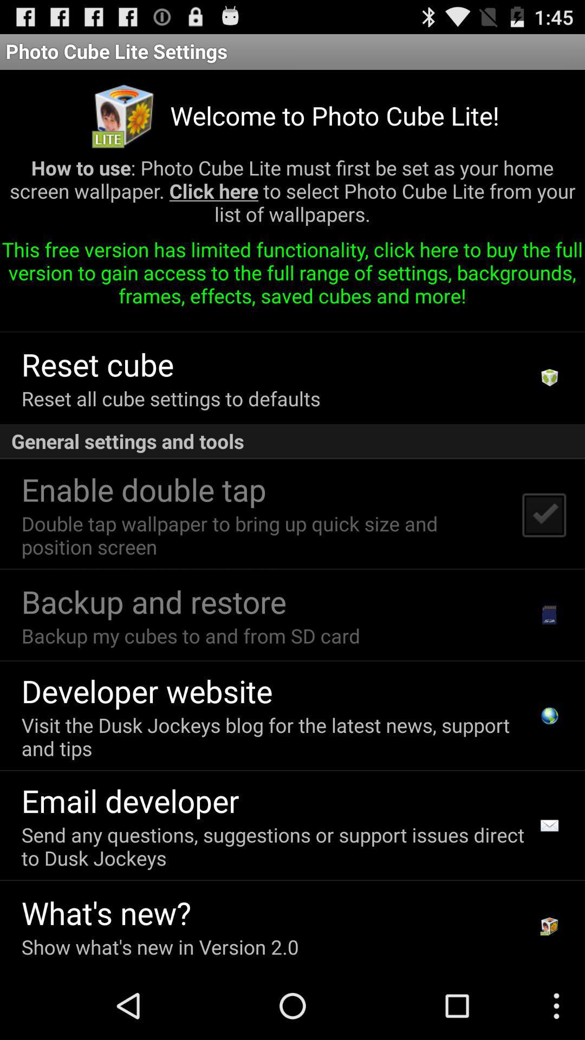 This screenshot has width=585, height=1040. Describe the element at coordinates (129, 800) in the screenshot. I see `the icon above the send any questions` at that location.